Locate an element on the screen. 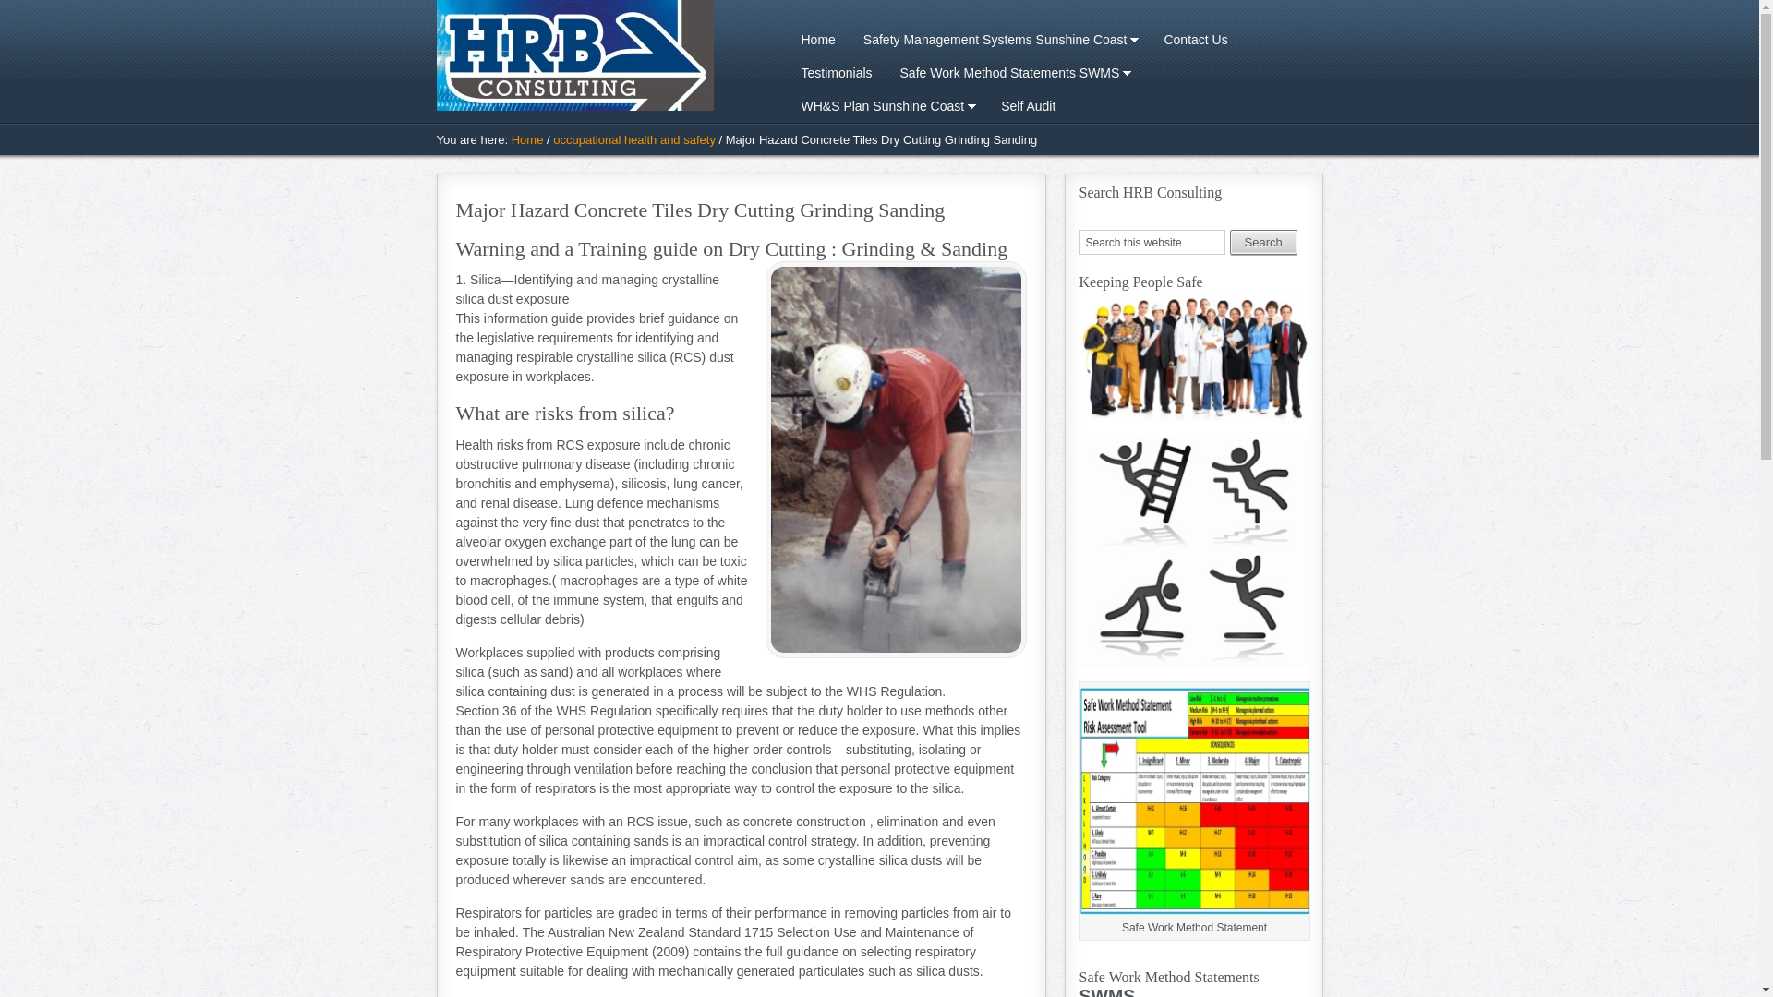 The width and height of the screenshot is (1773, 997). 'Search' is located at coordinates (1262, 241).